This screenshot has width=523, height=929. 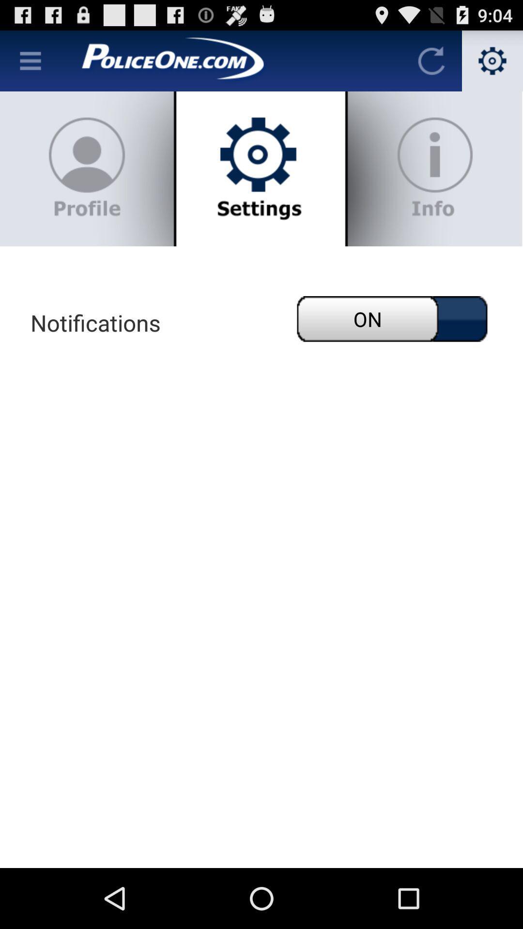 I want to click on the refresh icon, so click(x=431, y=64).